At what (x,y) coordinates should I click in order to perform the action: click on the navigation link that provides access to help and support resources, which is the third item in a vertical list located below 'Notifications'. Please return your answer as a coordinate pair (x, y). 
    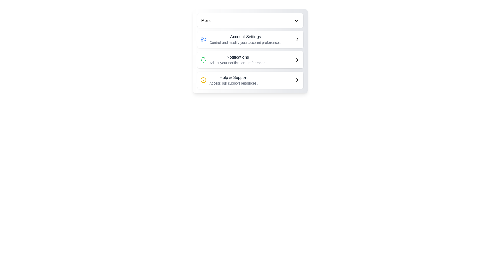
    Looking at the image, I should click on (250, 80).